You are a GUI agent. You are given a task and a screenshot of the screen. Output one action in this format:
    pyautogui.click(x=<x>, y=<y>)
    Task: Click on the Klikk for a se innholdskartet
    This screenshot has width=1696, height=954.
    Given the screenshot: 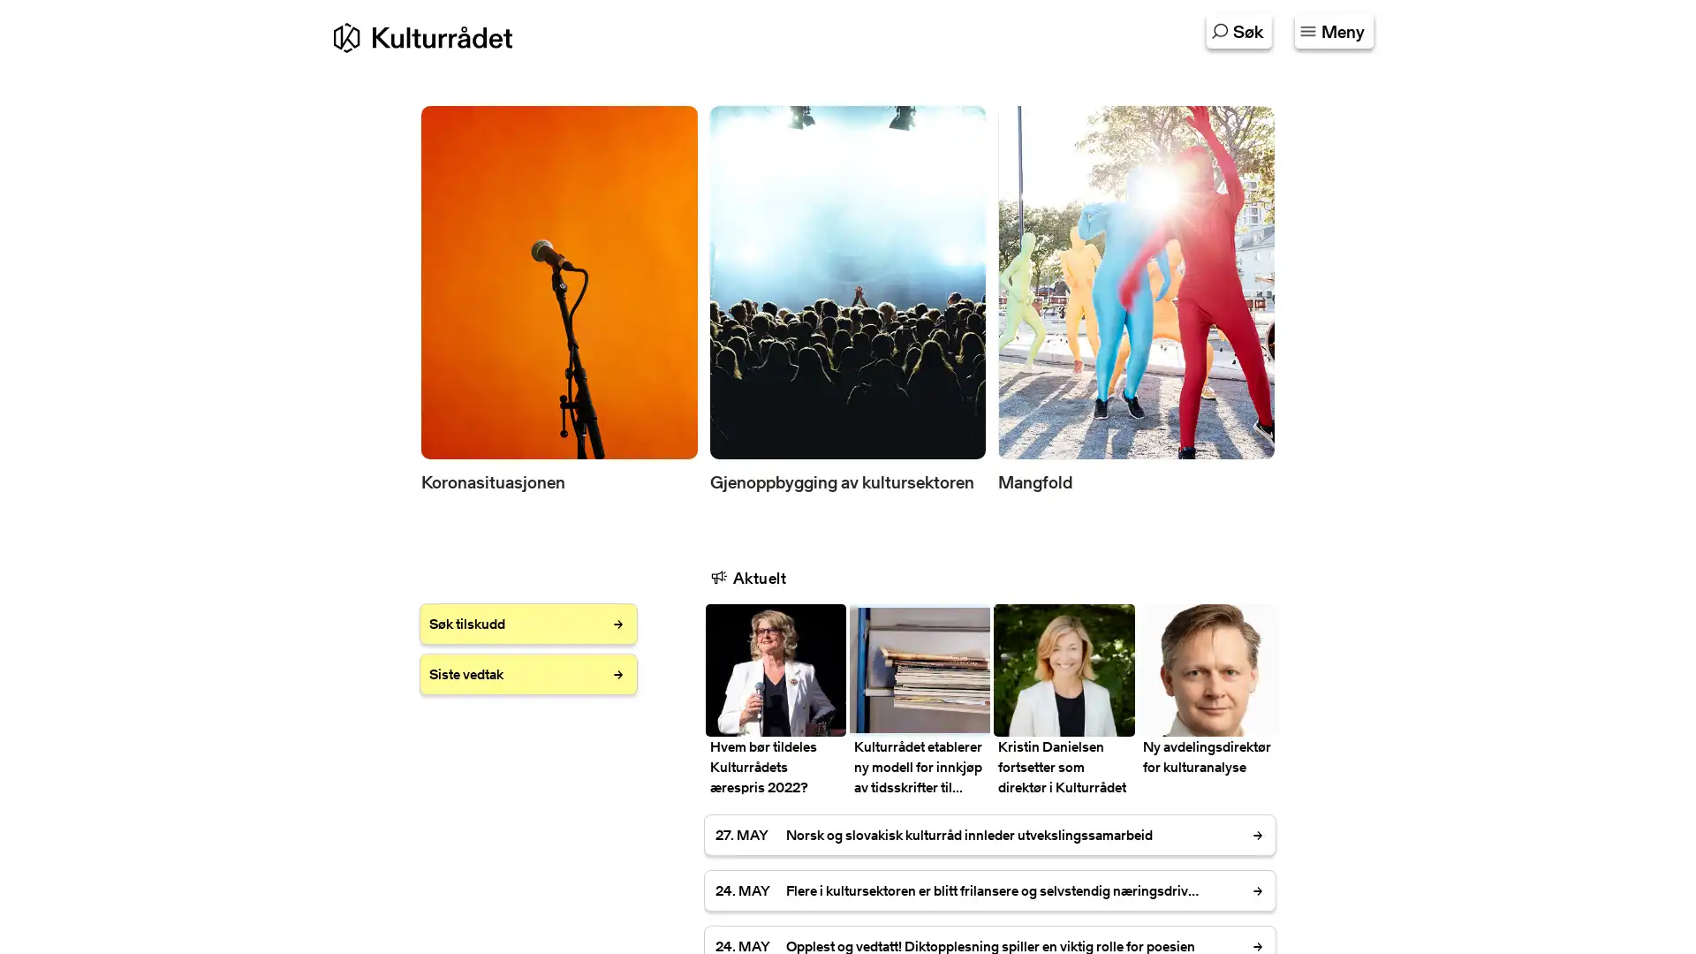 What is the action you would take?
    pyautogui.click(x=1334, y=30)
    